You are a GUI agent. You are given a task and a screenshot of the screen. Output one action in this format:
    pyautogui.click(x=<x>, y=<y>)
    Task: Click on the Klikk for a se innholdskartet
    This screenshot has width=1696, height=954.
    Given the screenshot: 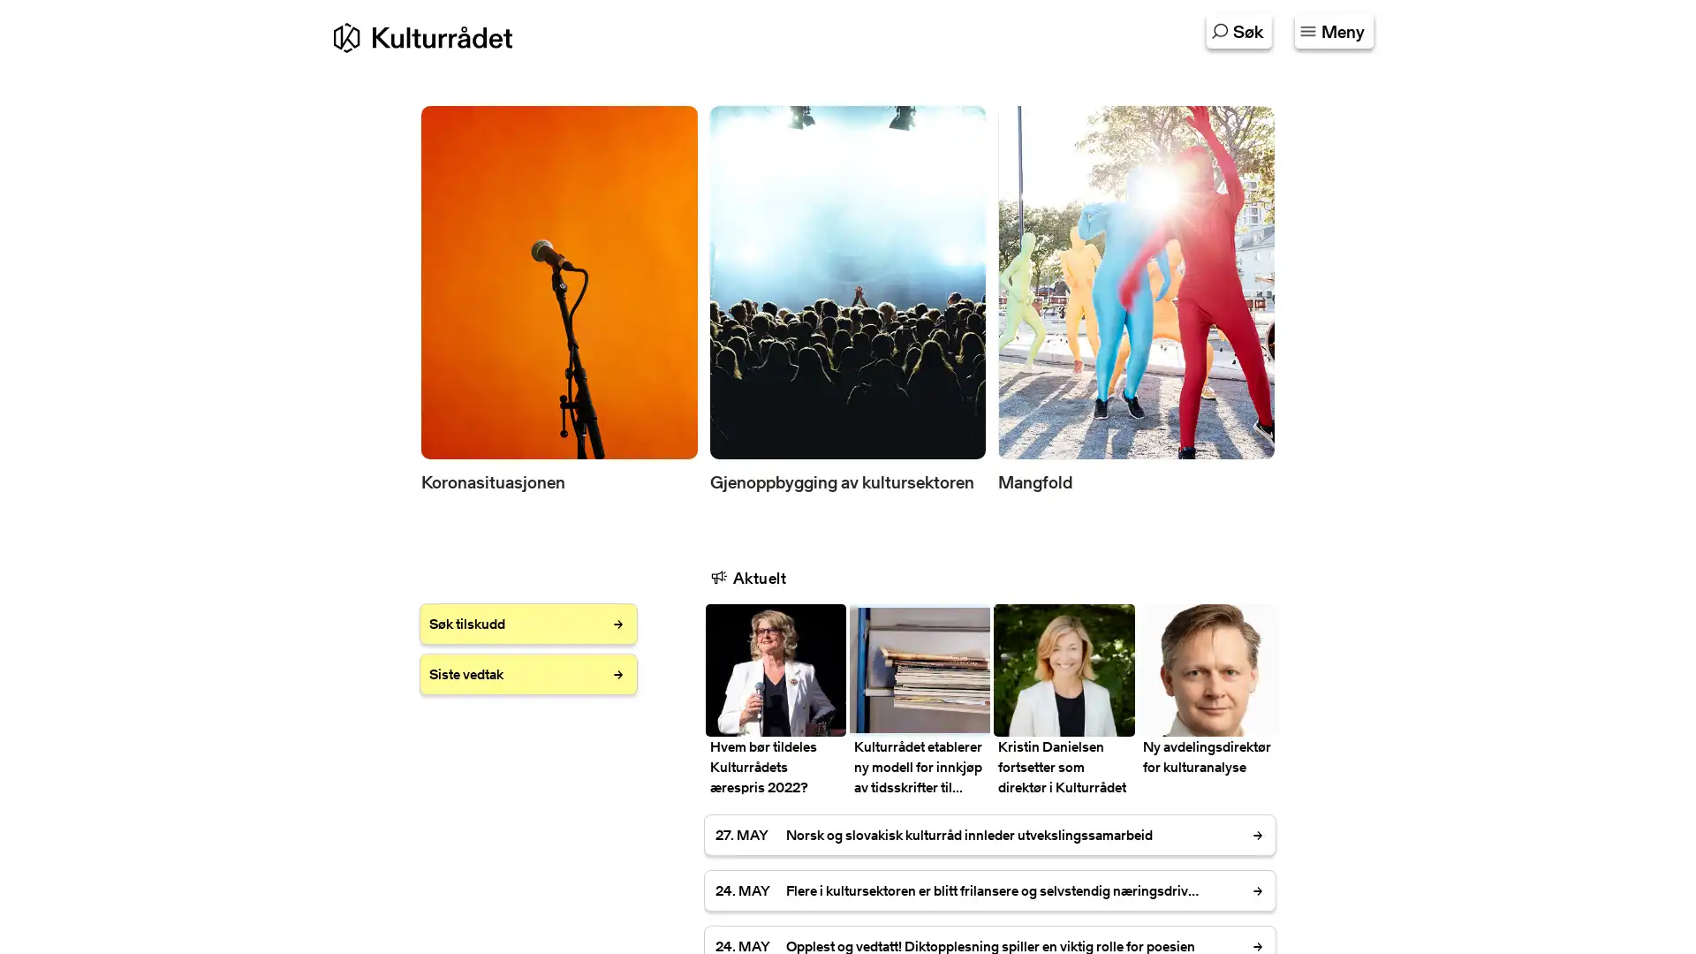 What is the action you would take?
    pyautogui.click(x=1334, y=30)
    